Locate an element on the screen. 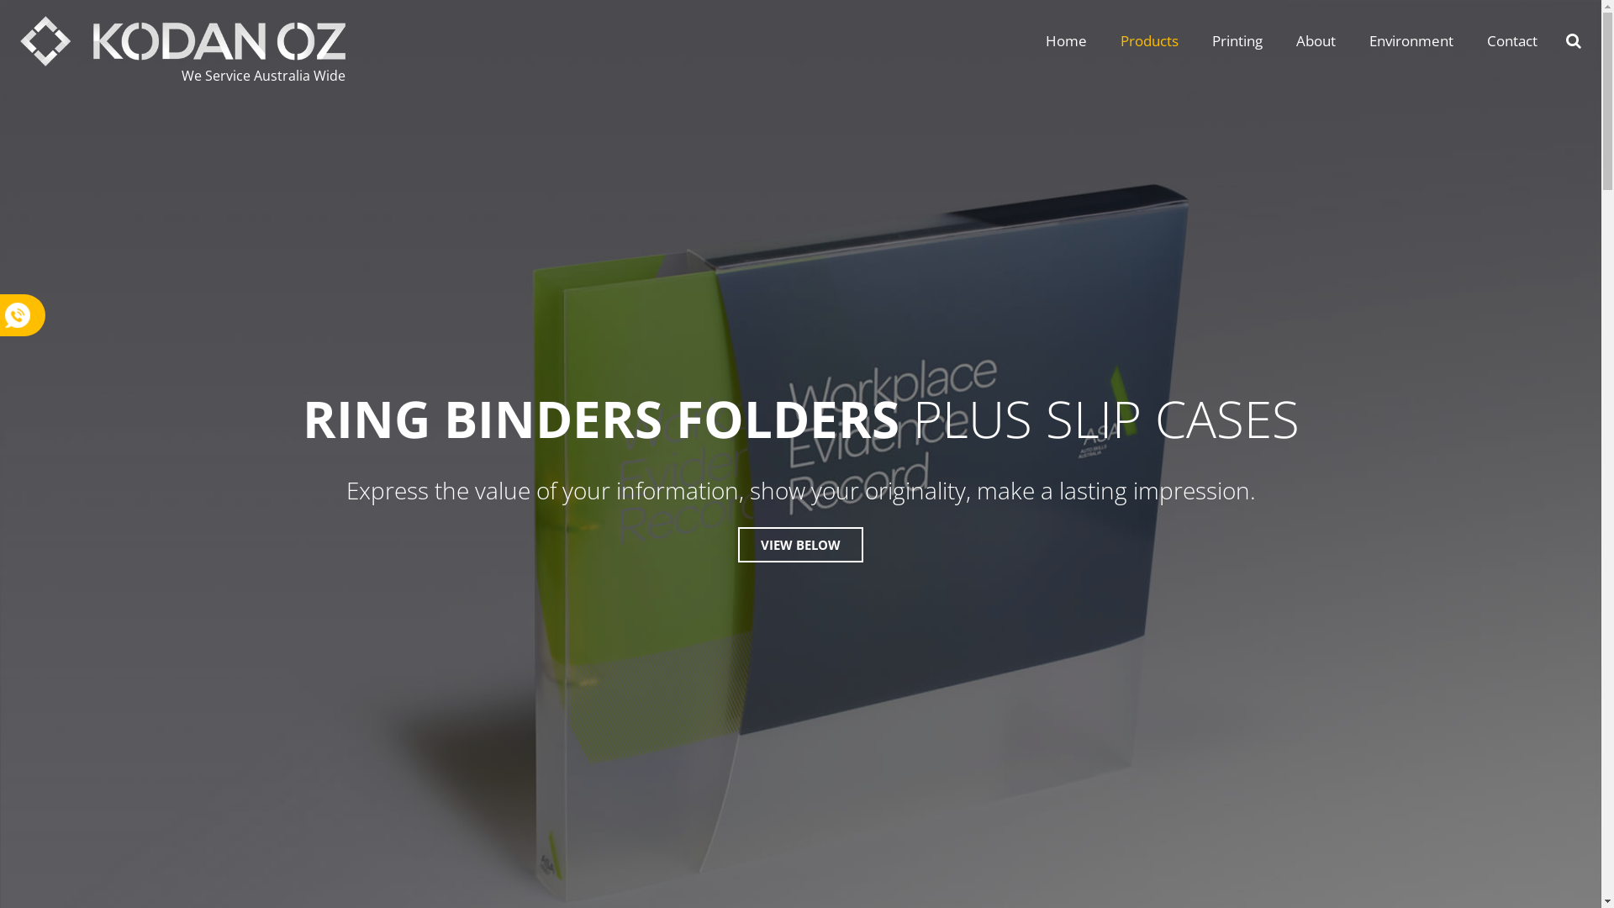 The image size is (1614, 908). 'Printing' is located at coordinates (1194, 40).